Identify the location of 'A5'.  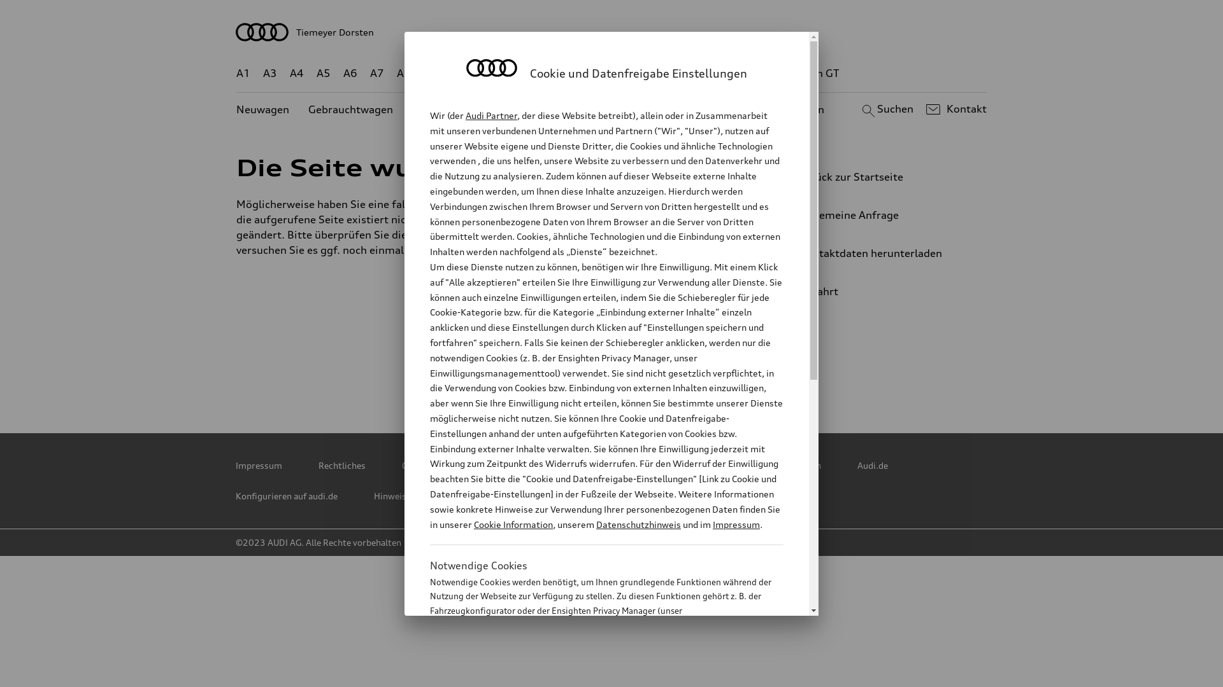
(324, 73).